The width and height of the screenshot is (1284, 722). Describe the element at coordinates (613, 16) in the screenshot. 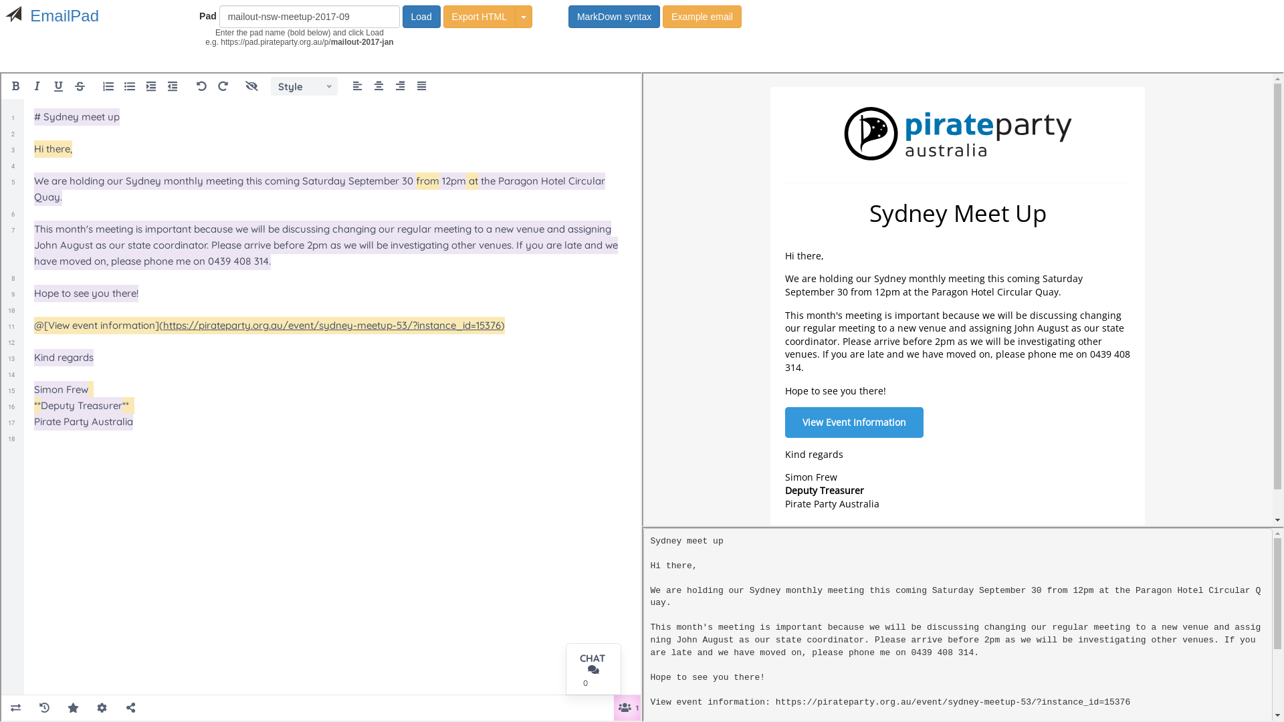

I see `'MarkDown syntax'` at that location.